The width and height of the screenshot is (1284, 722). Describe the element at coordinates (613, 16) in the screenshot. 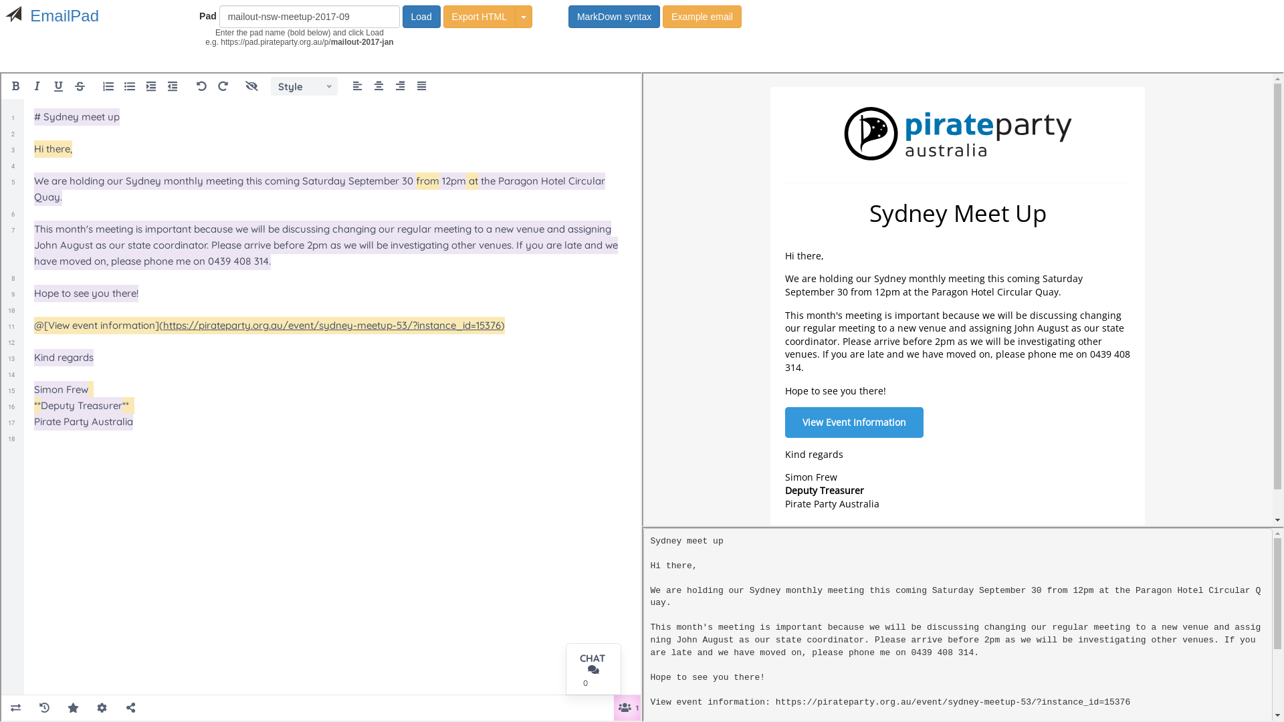

I see `'MarkDown syntax'` at that location.